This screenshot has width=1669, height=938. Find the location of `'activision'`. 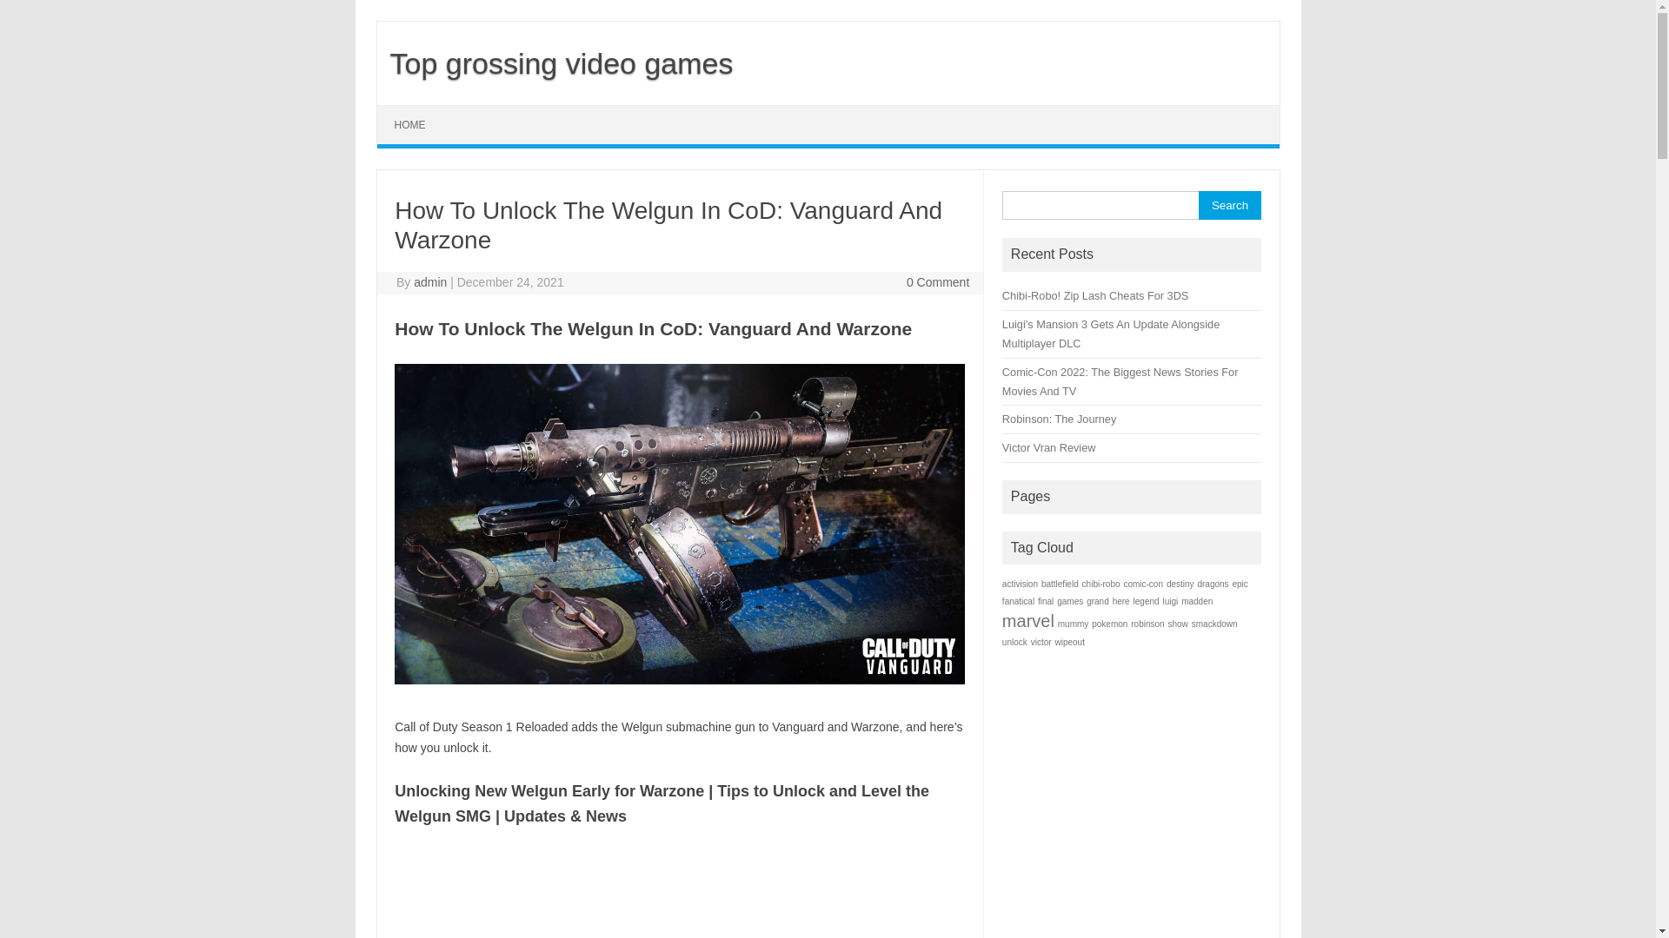

'activision' is located at coordinates (1020, 584).